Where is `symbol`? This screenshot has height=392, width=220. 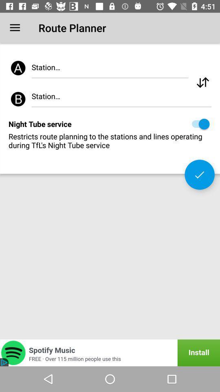 symbol is located at coordinates (202, 82).